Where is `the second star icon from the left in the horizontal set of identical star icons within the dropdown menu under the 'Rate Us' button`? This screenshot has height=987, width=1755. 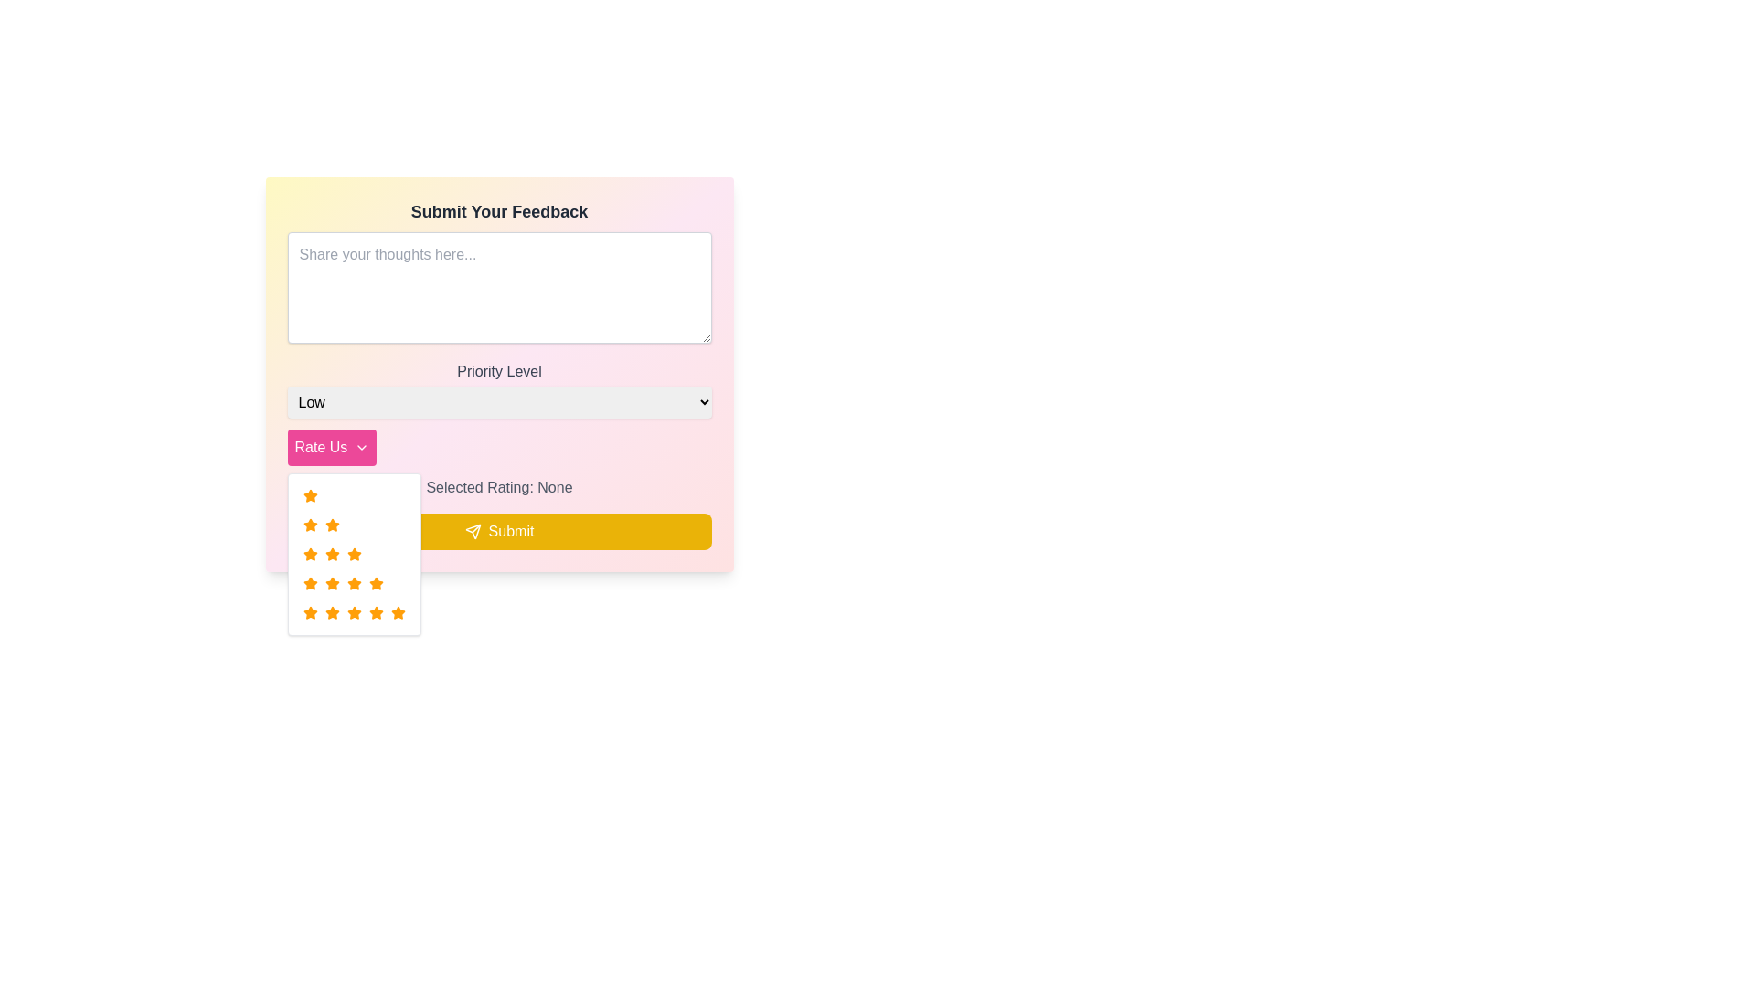
the second star icon from the left in the horizontal set of identical star icons within the dropdown menu under the 'Rate Us' button is located at coordinates (310, 613).